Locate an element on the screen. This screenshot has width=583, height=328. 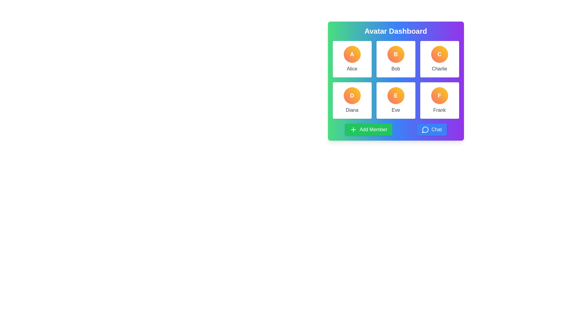
the user profile card for 'Charlie', which features a white background, rounded corners, a gradient-colored circular avatar with the letter 'C', and the name 'Charlie' in gray font is located at coordinates (439, 59).